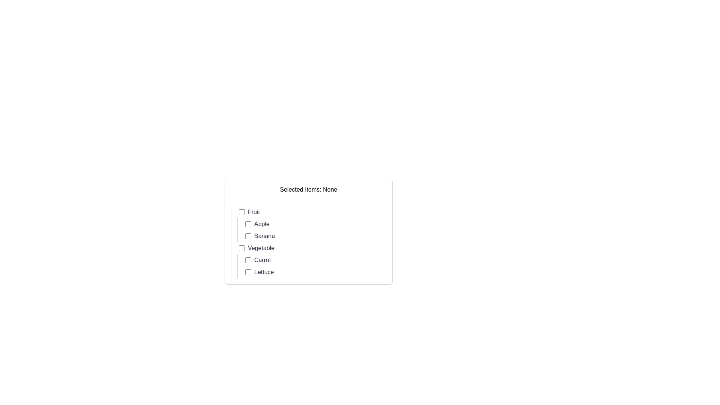 The image size is (720, 405). Describe the element at coordinates (248, 260) in the screenshot. I see `the checkbox located to the left of the text 'Carrot'` at that location.